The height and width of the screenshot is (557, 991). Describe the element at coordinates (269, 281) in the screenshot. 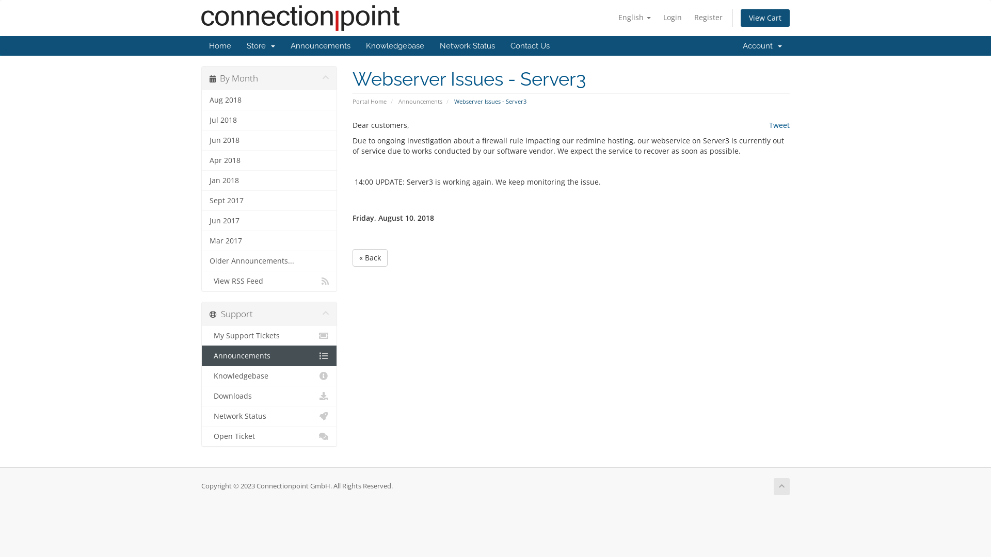

I see `'  View RSS Feed'` at that location.